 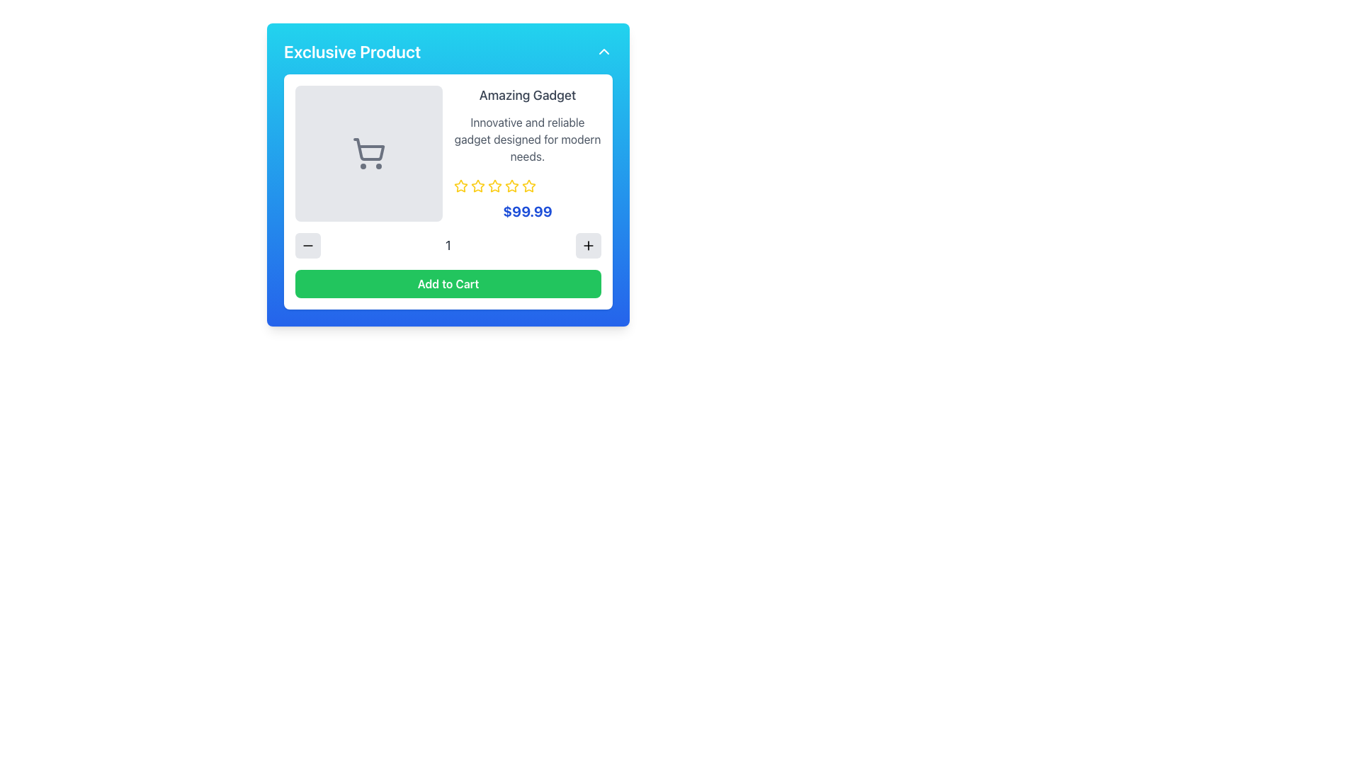 What do you see at coordinates (495, 185) in the screenshot?
I see `the second star icon in the rating system` at bounding box center [495, 185].